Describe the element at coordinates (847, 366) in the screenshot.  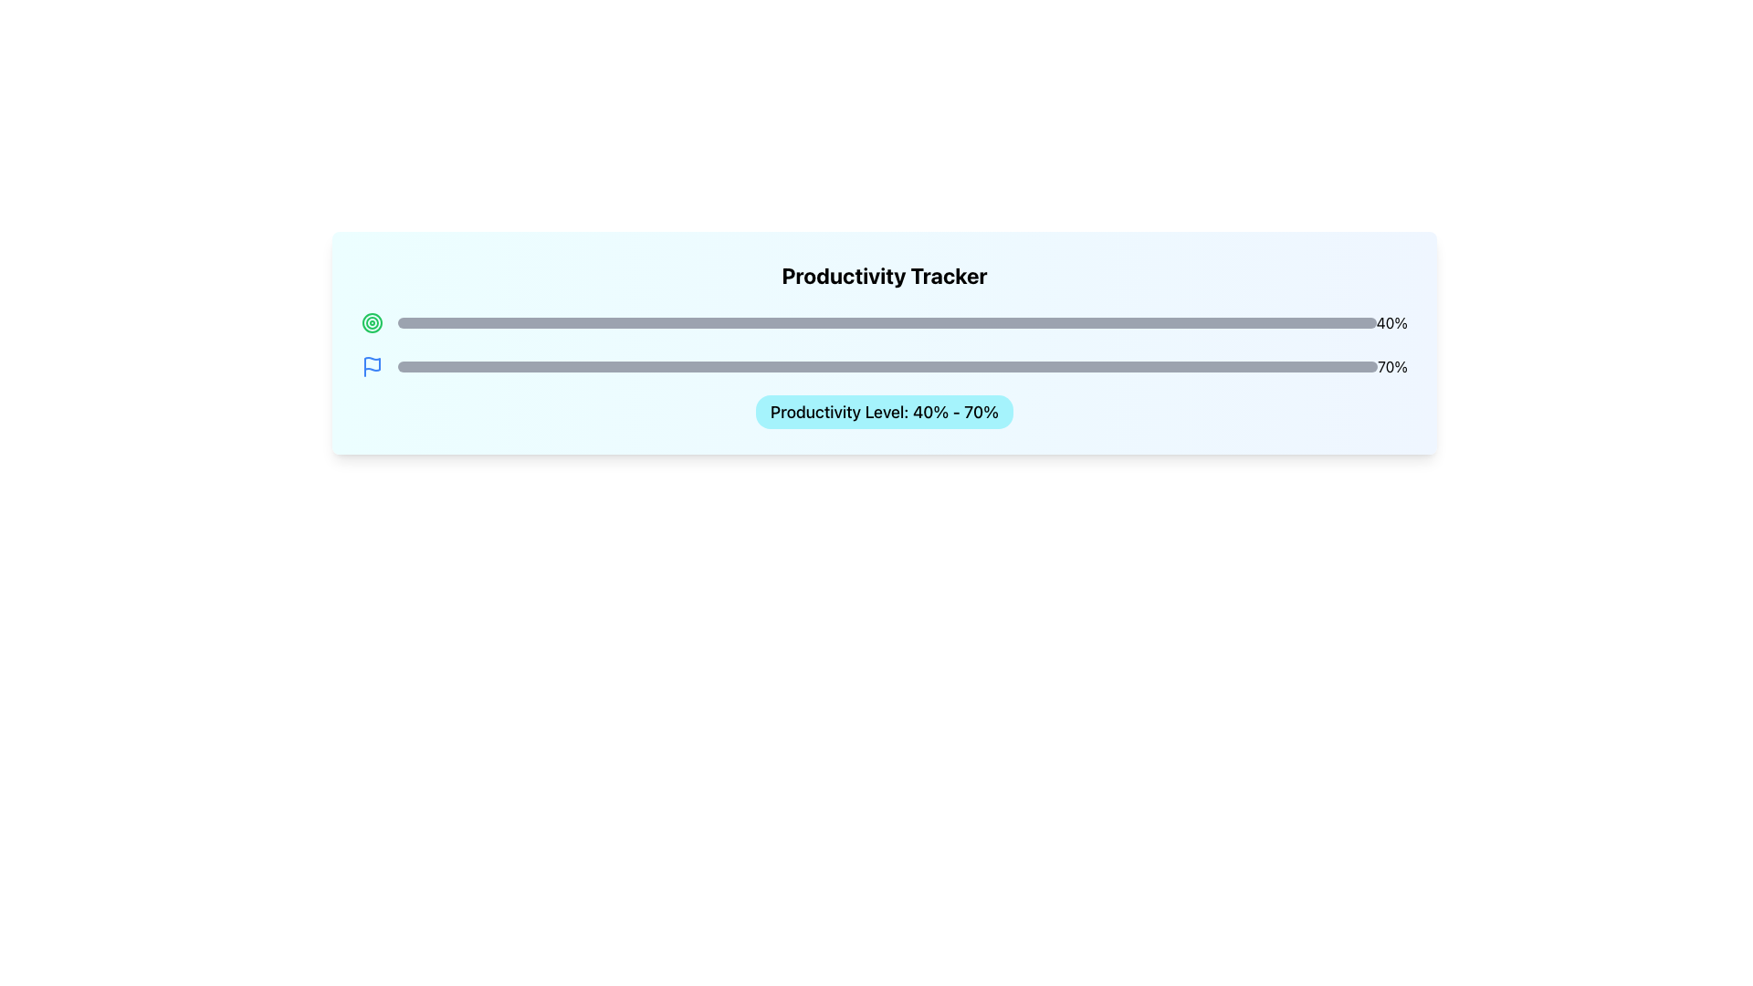
I see `the progress value` at that location.